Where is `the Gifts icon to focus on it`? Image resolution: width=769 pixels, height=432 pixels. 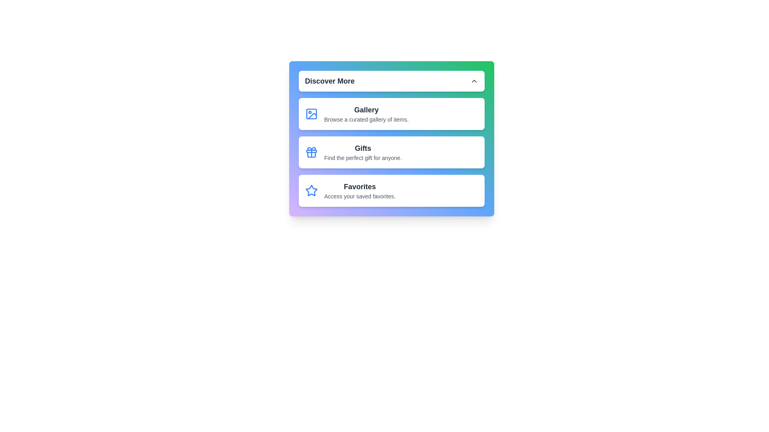 the Gifts icon to focus on it is located at coordinates (311, 152).